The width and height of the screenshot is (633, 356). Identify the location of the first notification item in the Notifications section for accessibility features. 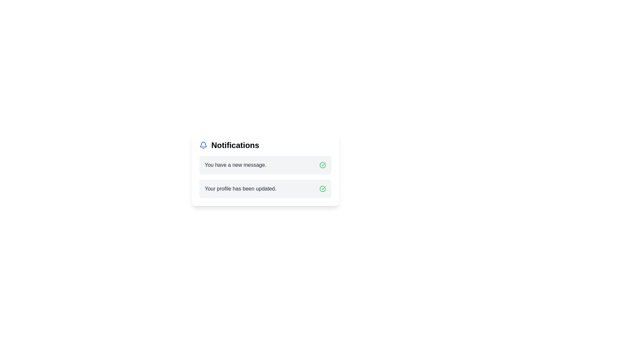
(265, 165).